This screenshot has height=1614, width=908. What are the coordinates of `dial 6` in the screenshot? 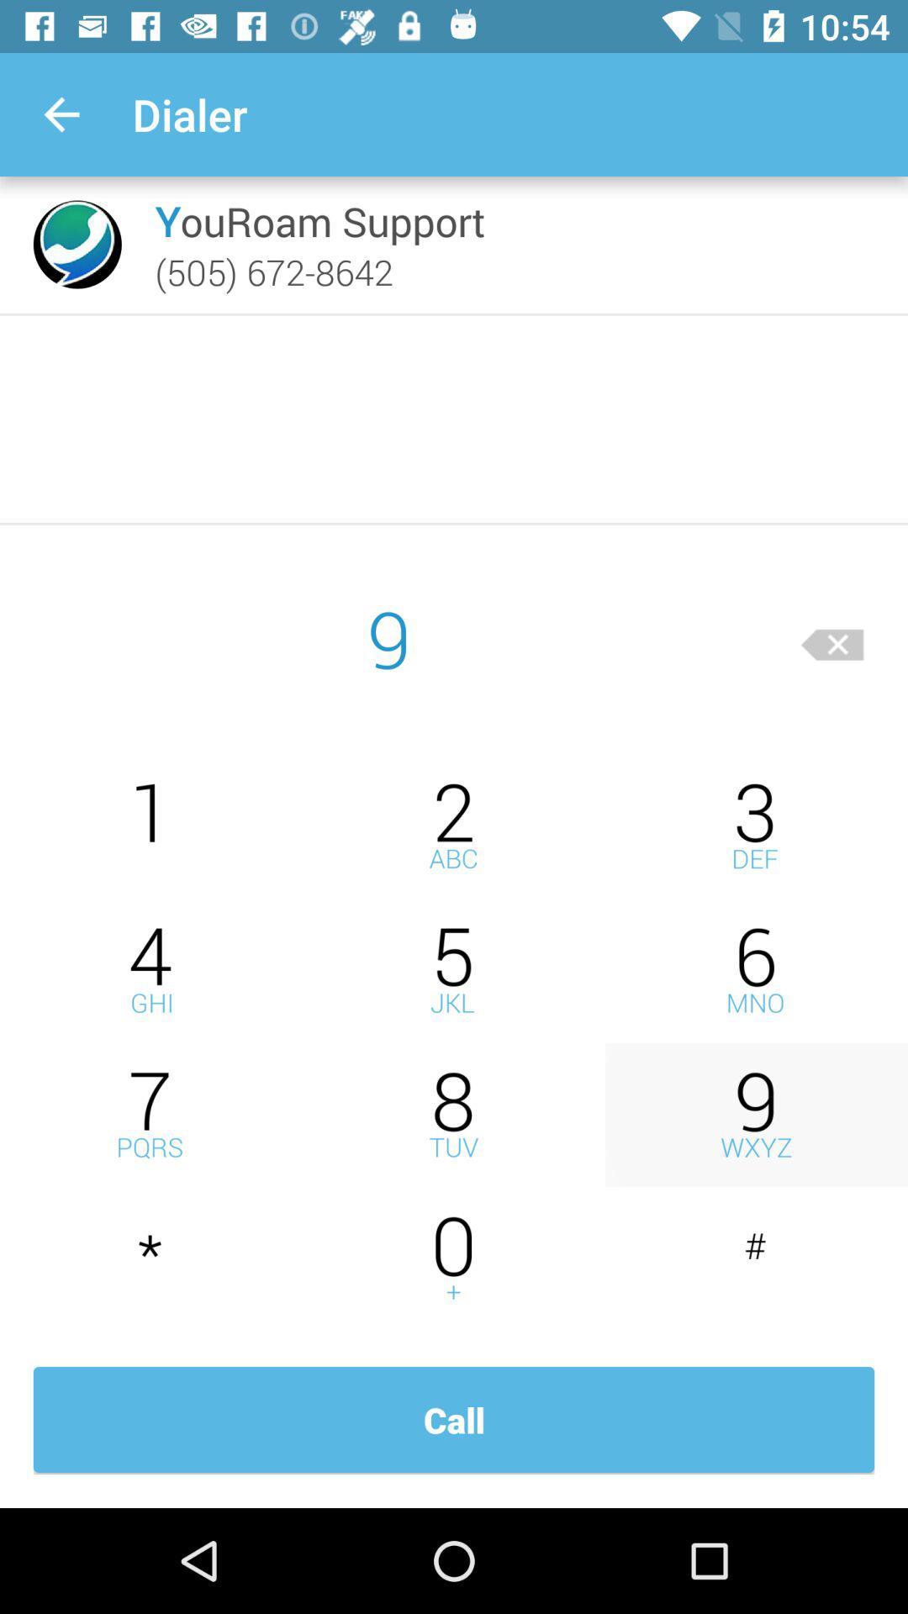 It's located at (755, 970).